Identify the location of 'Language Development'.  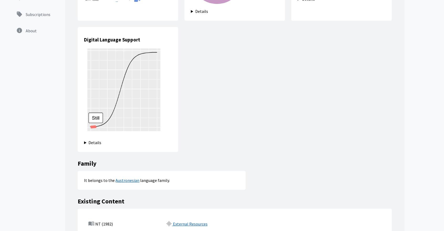
(247, 155).